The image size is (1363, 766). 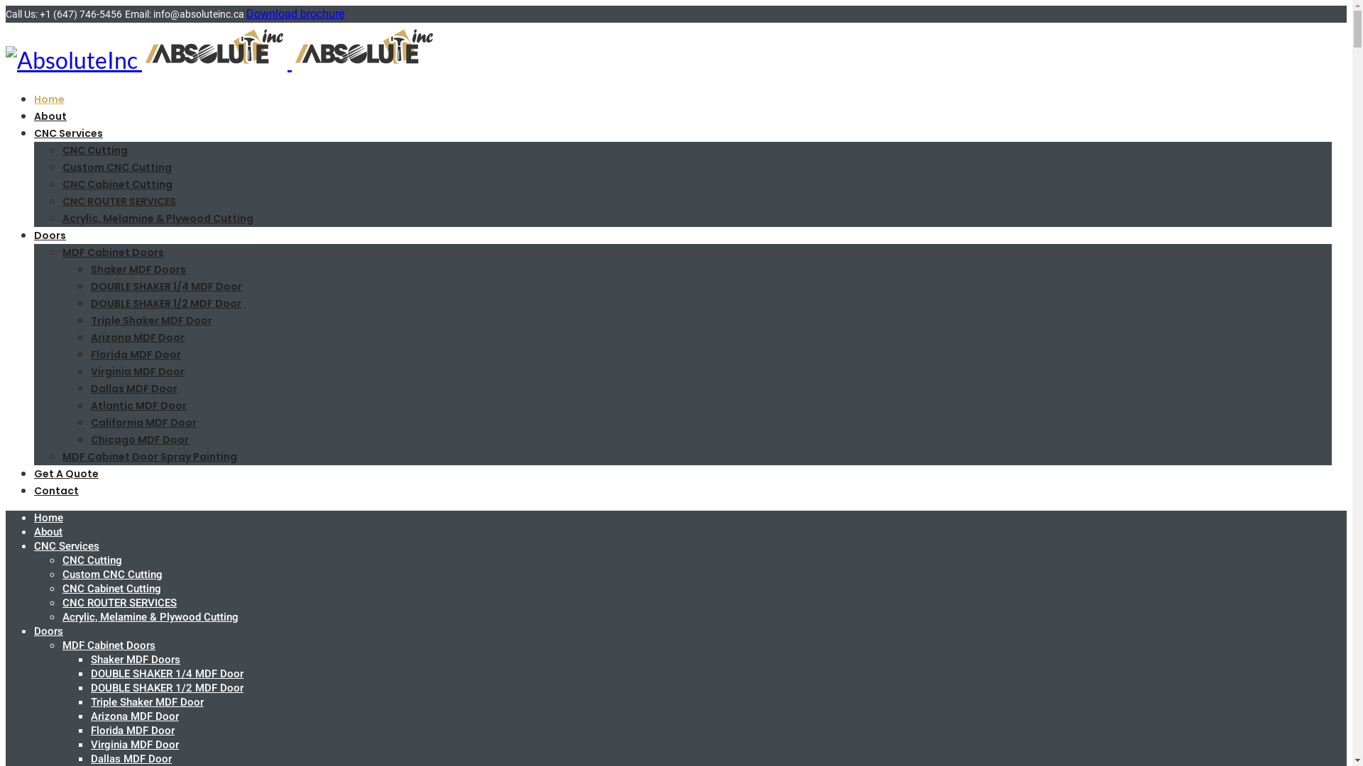 What do you see at coordinates (119, 602) in the screenshot?
I see `'CNC ROUTER SERVICES'` at bounding box center [119, 602].